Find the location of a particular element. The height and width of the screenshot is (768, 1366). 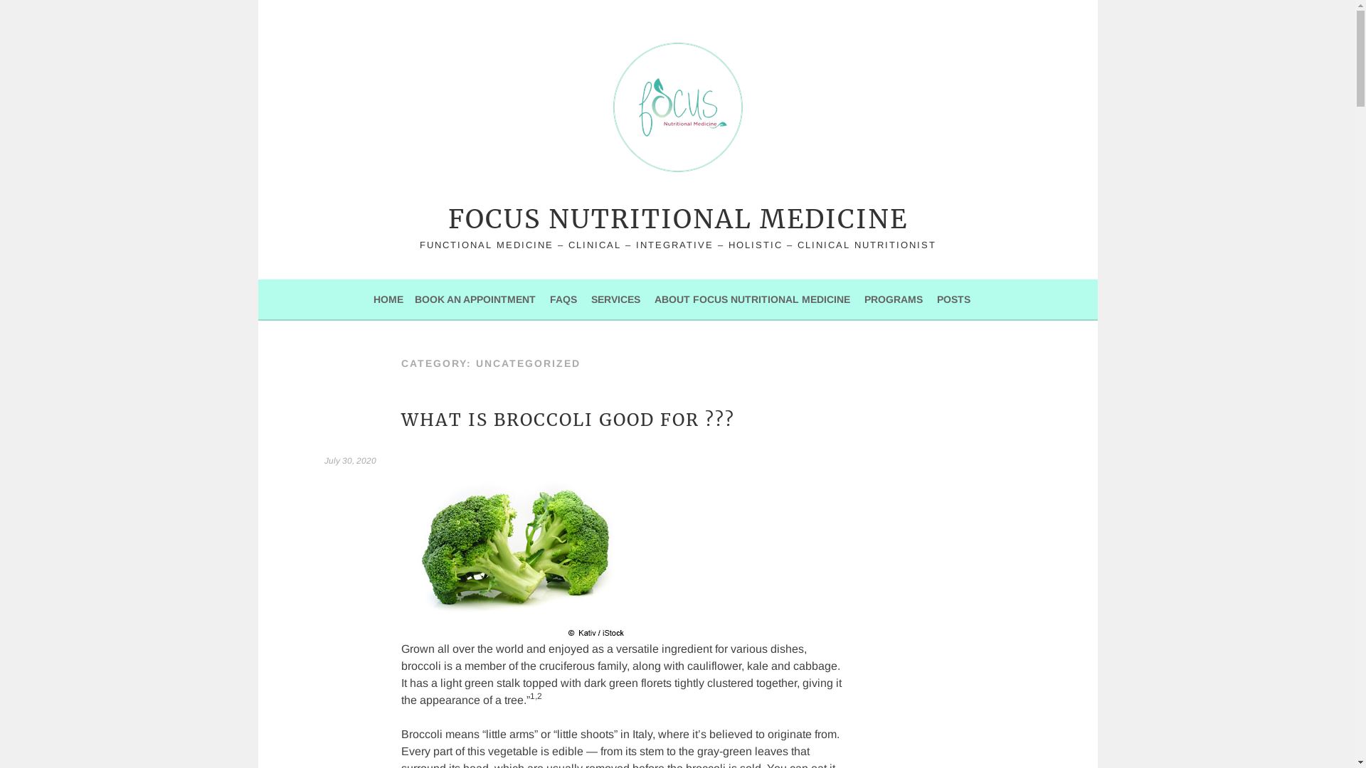

'HOME' is located at coordinates (388, 298).